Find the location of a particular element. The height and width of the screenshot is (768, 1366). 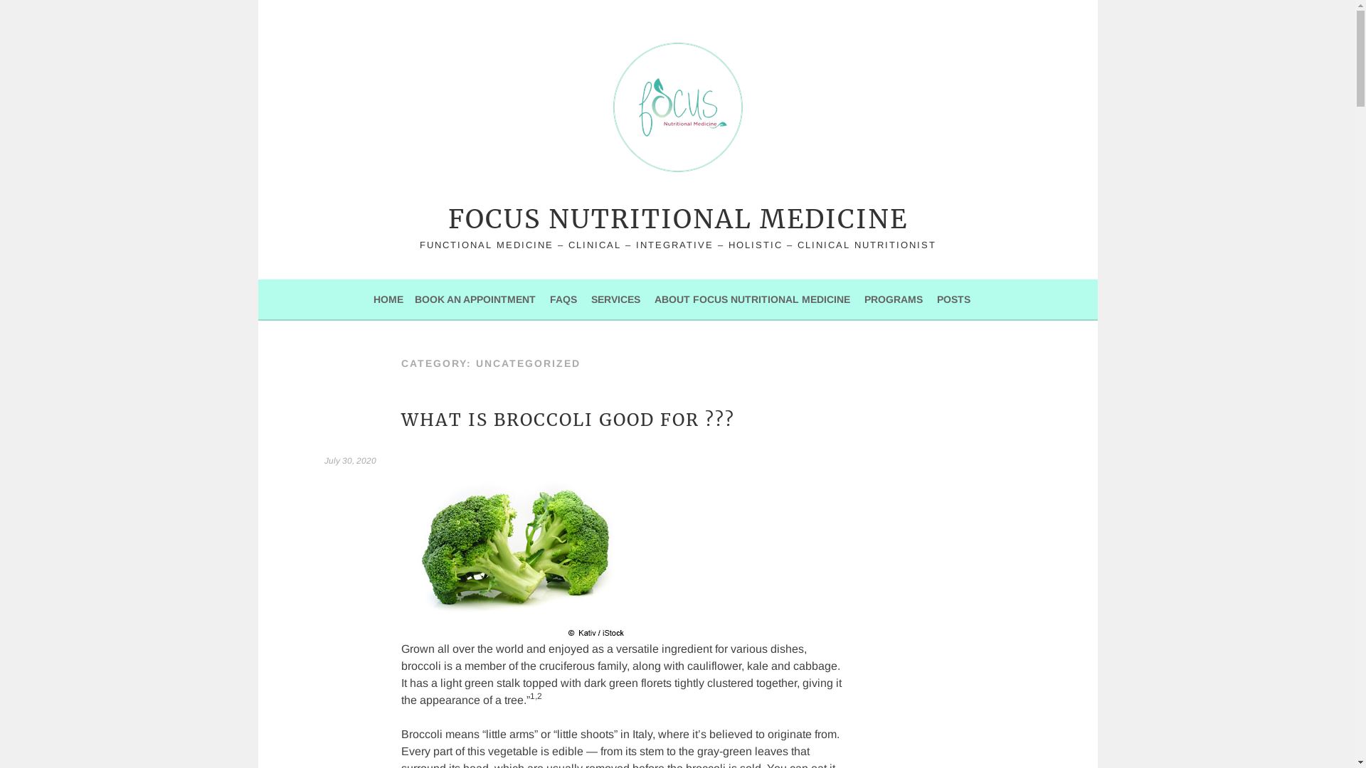

'HOME' is located at coordinates (388, 298).